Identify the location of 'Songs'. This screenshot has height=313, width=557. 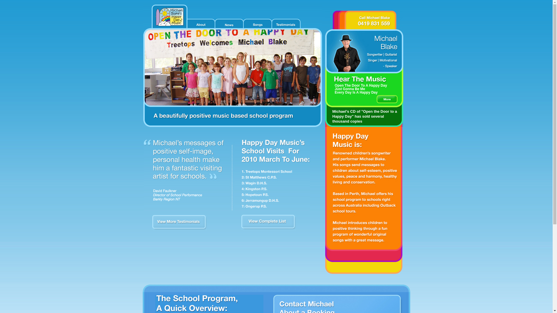
(257, 23).